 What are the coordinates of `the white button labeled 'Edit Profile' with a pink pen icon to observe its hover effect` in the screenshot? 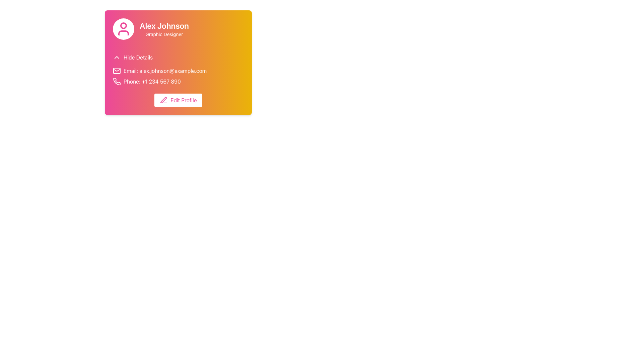 It's located at (178, 100).